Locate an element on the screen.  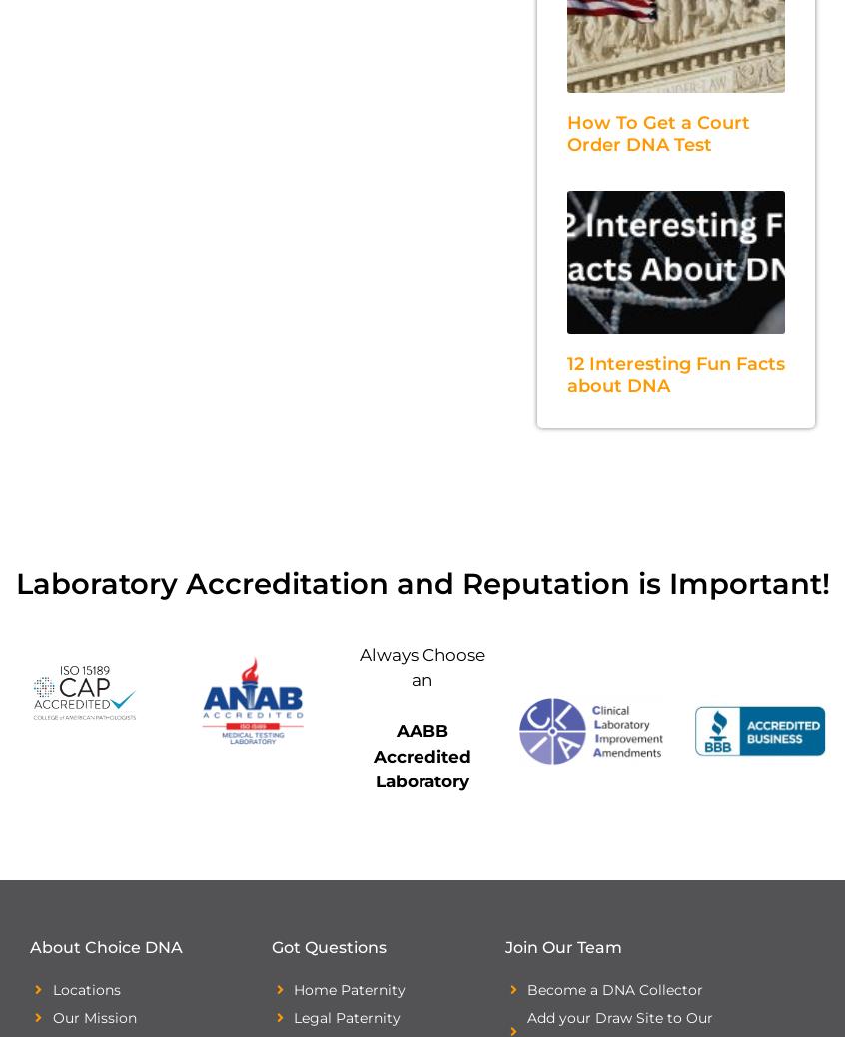
'How To Get a Court Order DNA Test' is located at coordinates (657, 132).